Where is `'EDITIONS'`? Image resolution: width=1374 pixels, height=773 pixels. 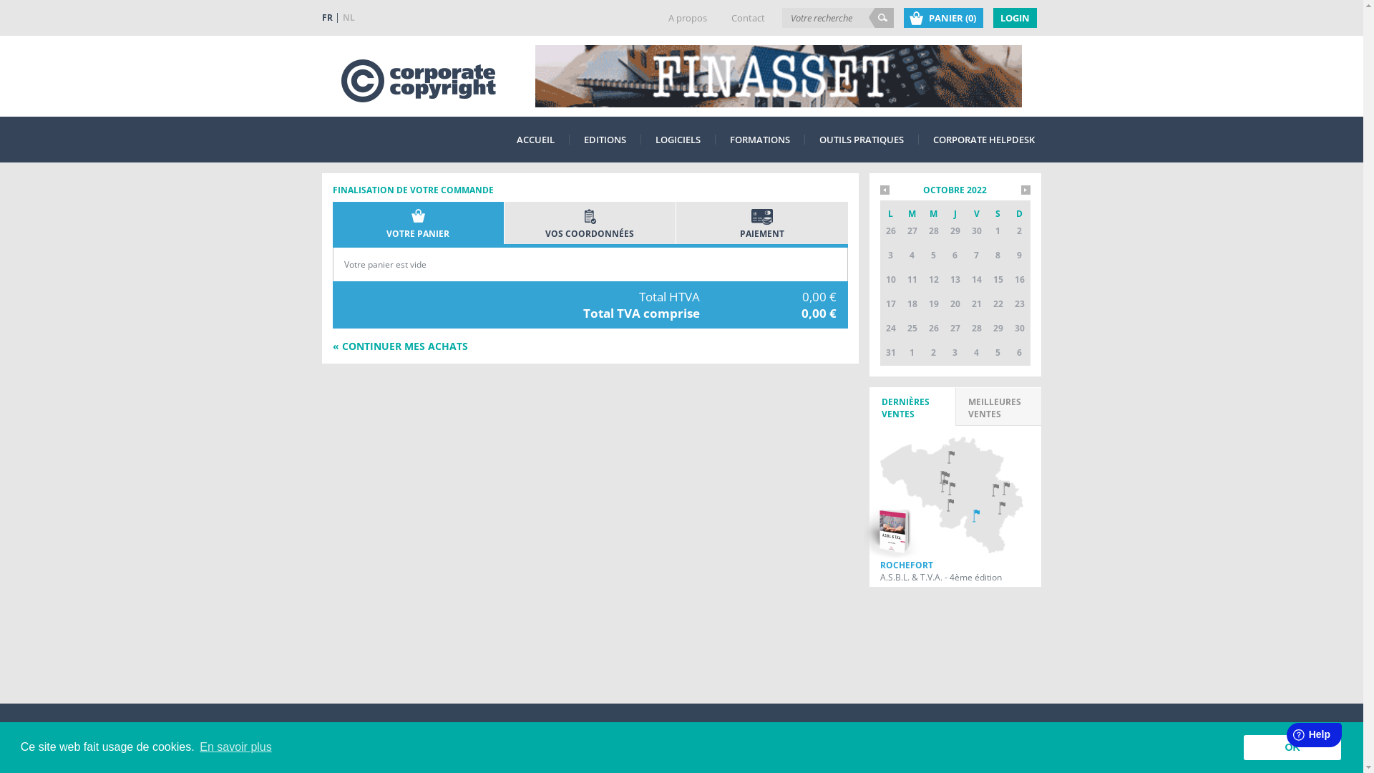 'EDITIONS' is located at coordinates (605, 140).